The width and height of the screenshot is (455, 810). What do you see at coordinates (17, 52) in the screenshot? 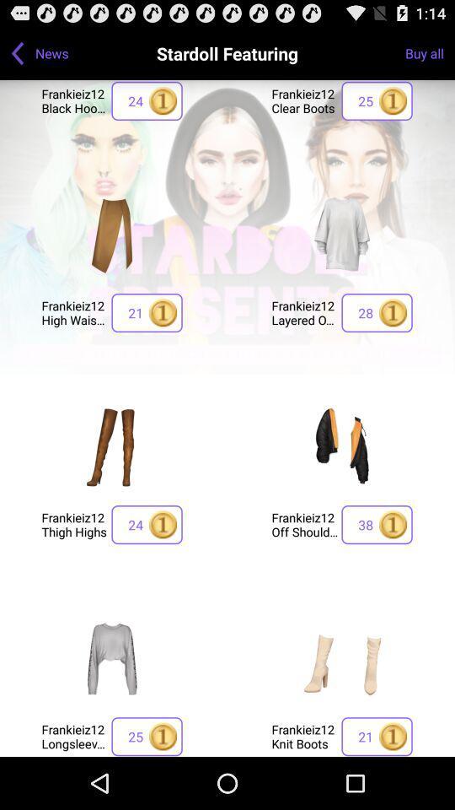
I see `return to previous page` at bounding box center [17, 52].